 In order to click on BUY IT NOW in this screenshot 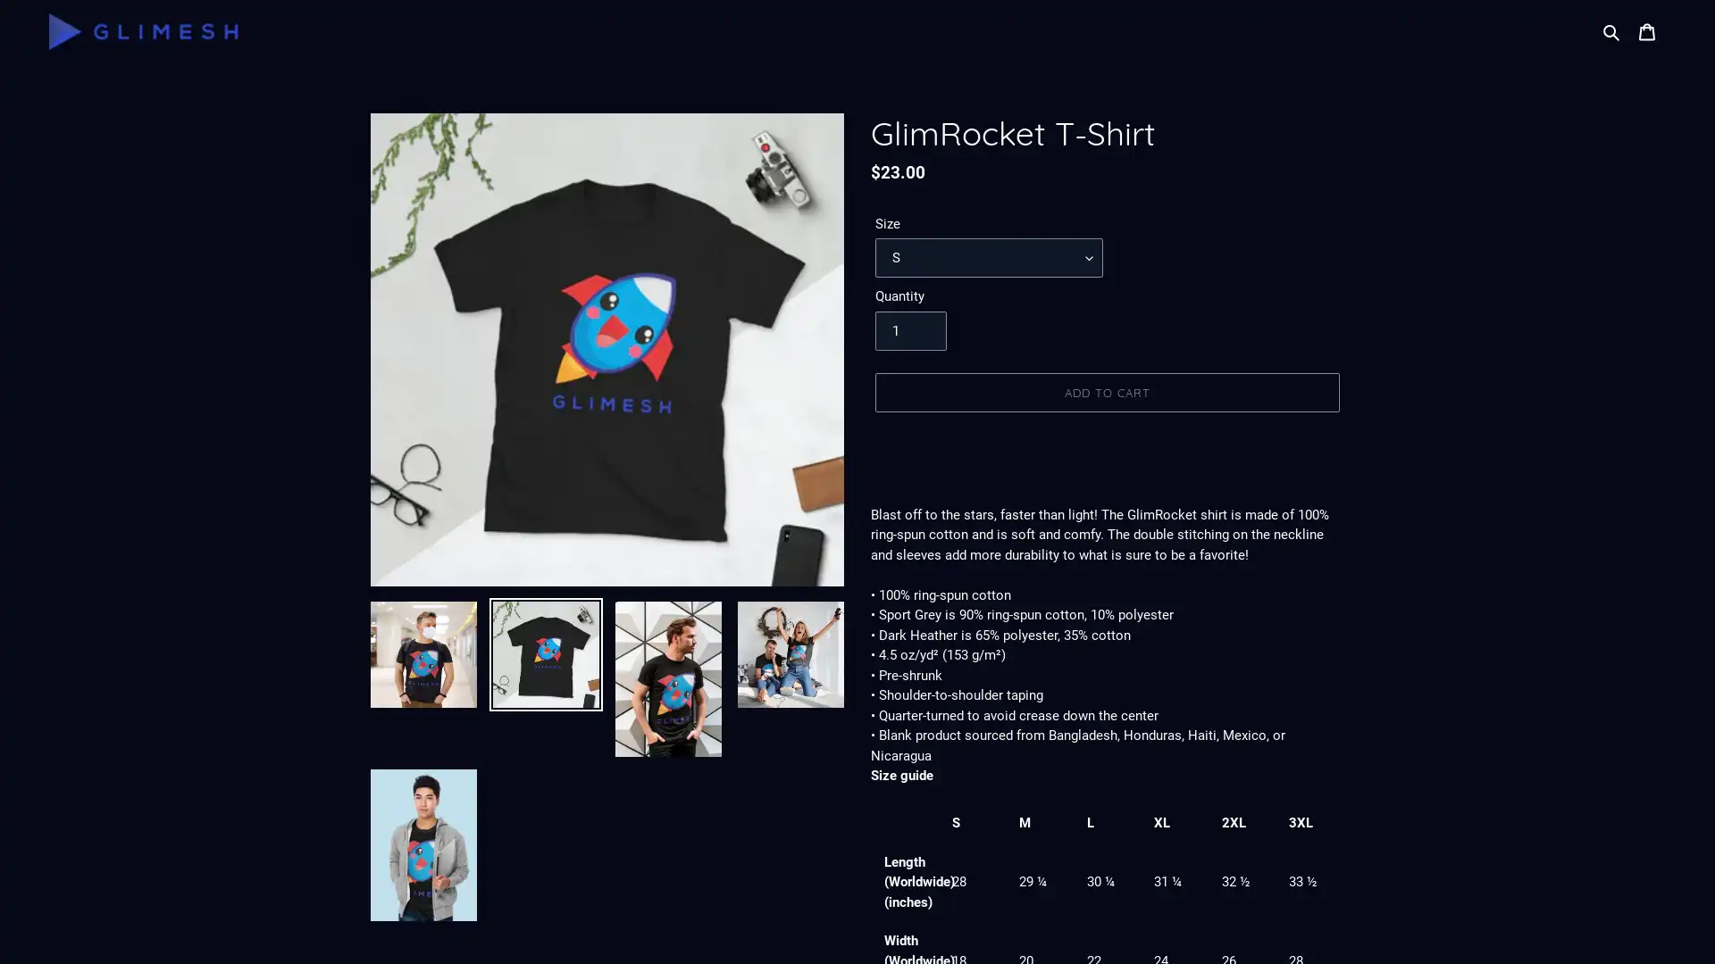, I will do `click(1106, 440)`.